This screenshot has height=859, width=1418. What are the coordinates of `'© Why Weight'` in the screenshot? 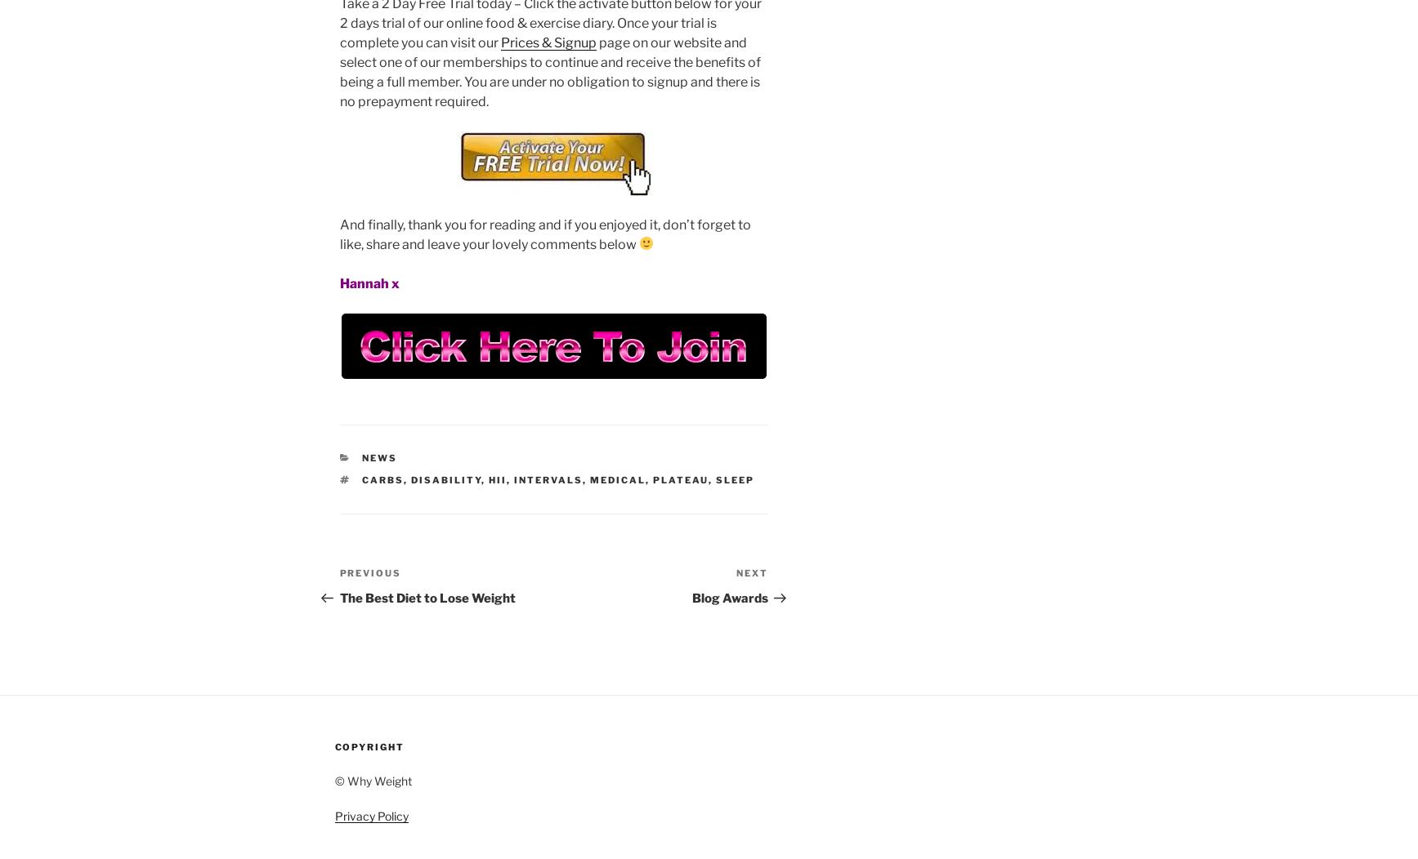 It's located at (372, 779).